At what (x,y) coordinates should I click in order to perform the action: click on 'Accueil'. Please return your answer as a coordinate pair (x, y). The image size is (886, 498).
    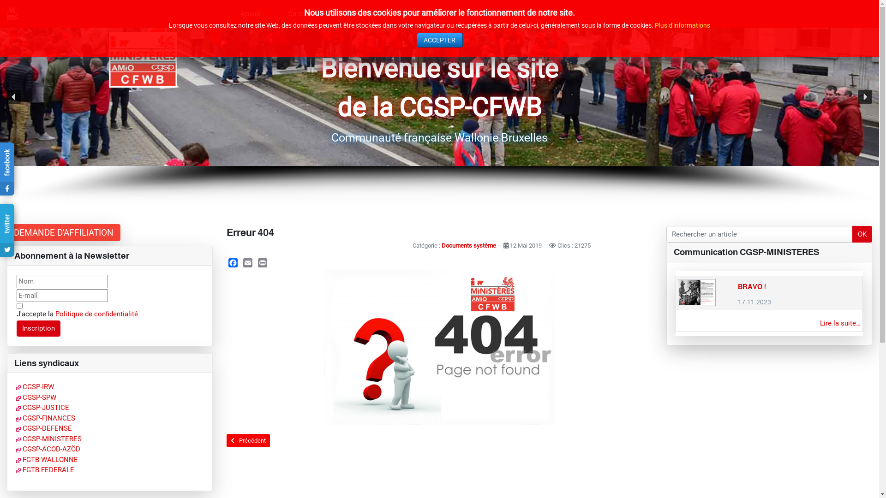
    Looking at the image, I should click on (250, 14).